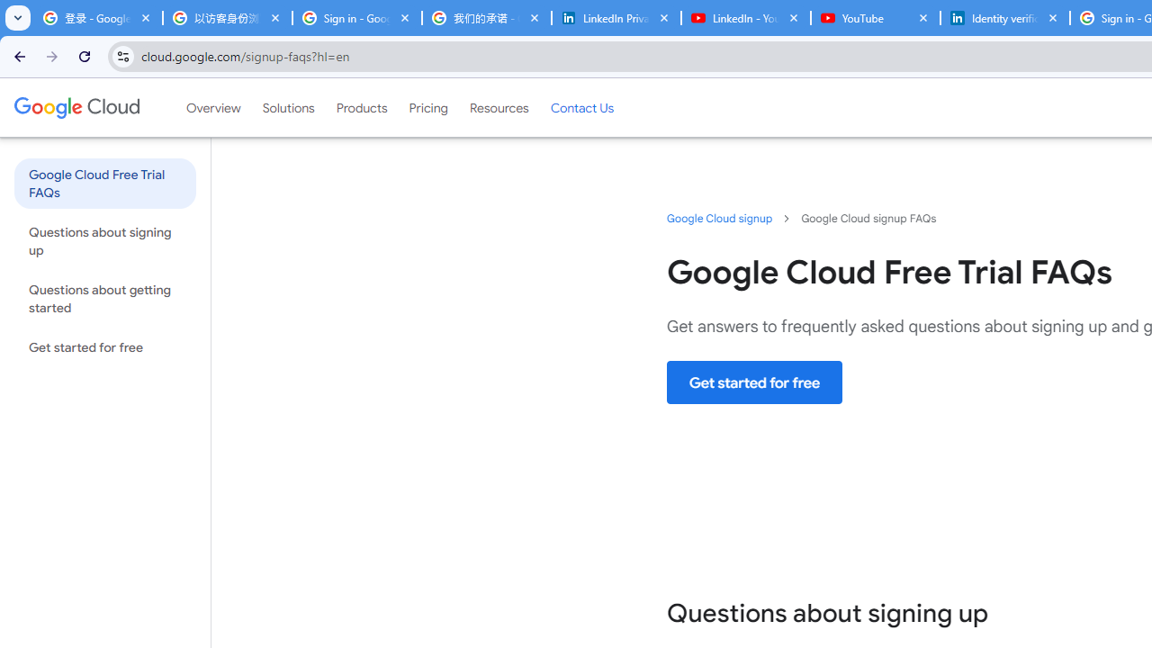 The width and height of the screenshot is (1152, 648). I want to click on 'Google Cloud', so click(76, 107).